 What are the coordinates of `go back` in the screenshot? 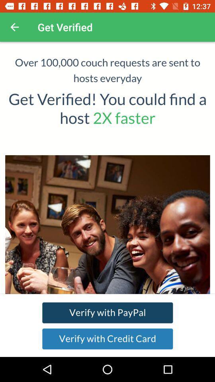 It's located at (14, 27).